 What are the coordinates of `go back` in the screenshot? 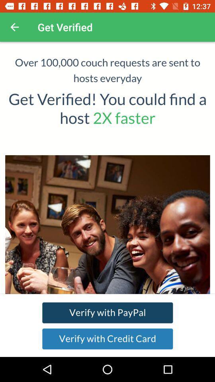 It's located at (14, 27).